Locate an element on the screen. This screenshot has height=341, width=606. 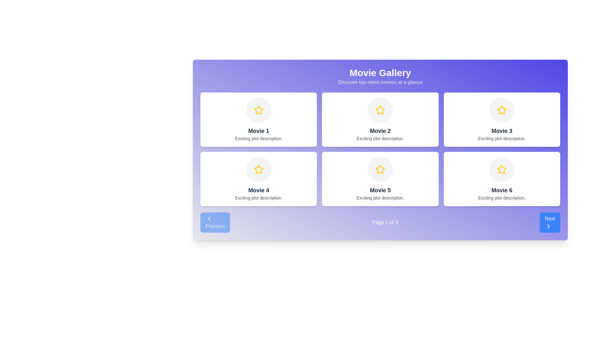
the Text Label that serves as the title of the movie displayed in the card for 'Movie 4', located in the second row, first column of a grid layout, above the plot description and below the rating icon is located at coordinates (258, 190).